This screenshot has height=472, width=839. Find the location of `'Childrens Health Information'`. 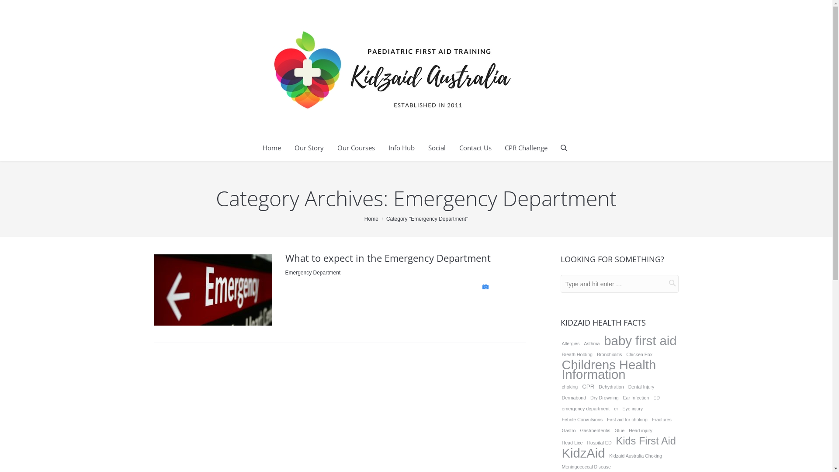

'Childrens Health Information' is located at coordinates (618, 369).